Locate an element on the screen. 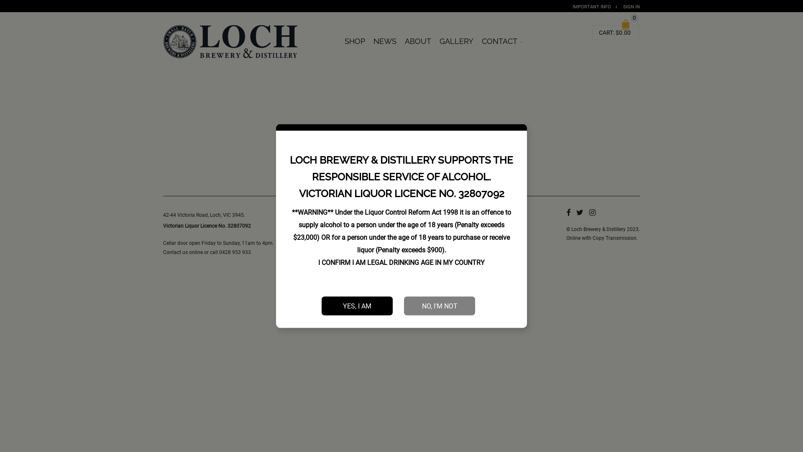  'online' is located at coordinates (195, 252).